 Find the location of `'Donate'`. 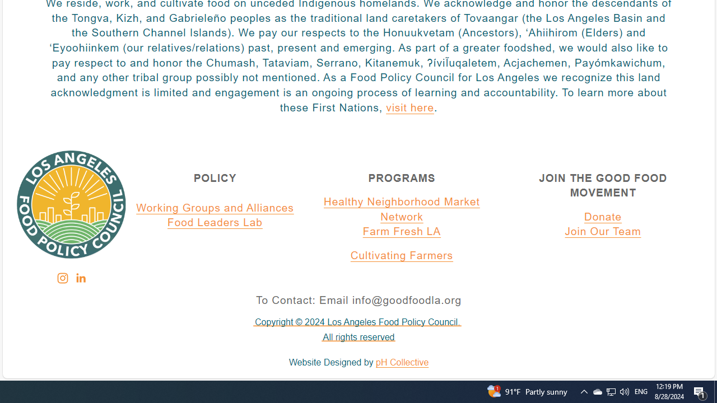

'Donate' is located at coordinates (602, 217).